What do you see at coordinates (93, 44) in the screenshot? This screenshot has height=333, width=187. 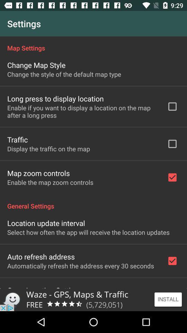 I see `the map settings app` at bounding box center [93, 44].